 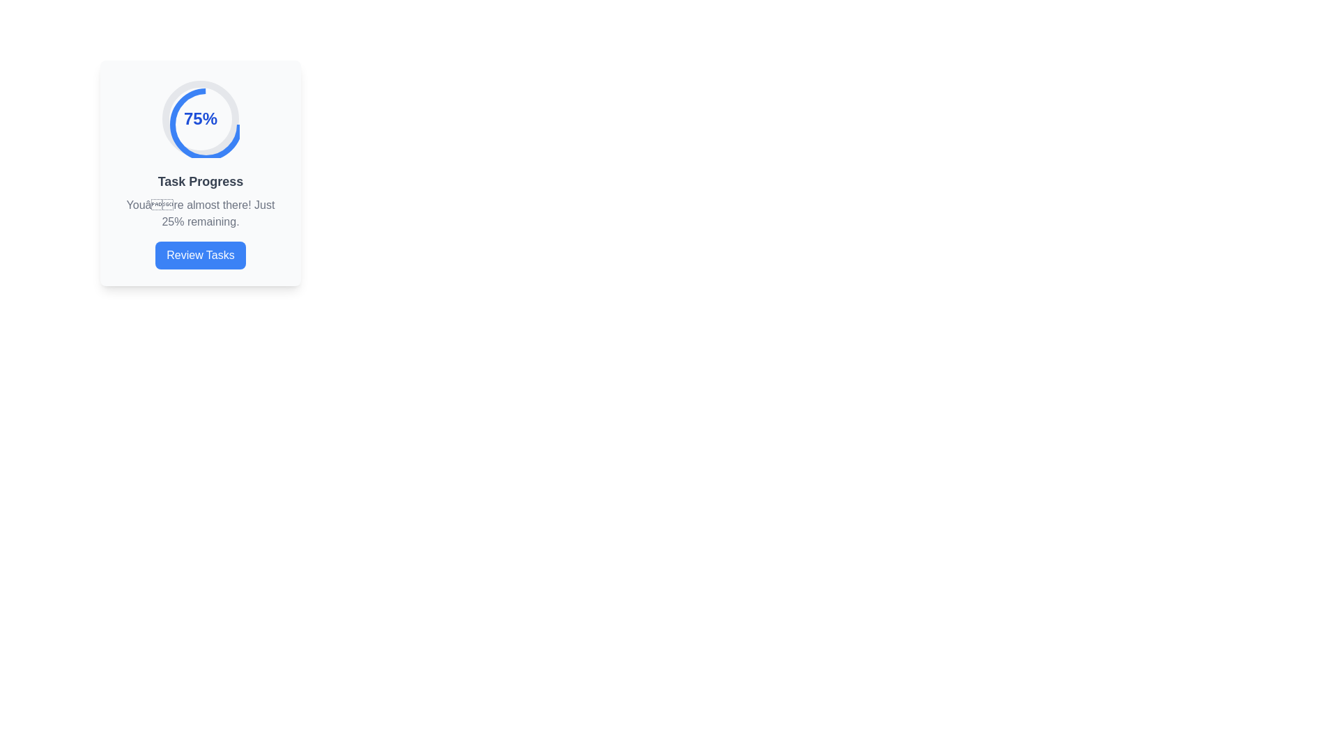 I want to click on the text display element that shows the progress percentage value, which is positioned at the center of a circular progress indicator, so click(x=200, y=118).